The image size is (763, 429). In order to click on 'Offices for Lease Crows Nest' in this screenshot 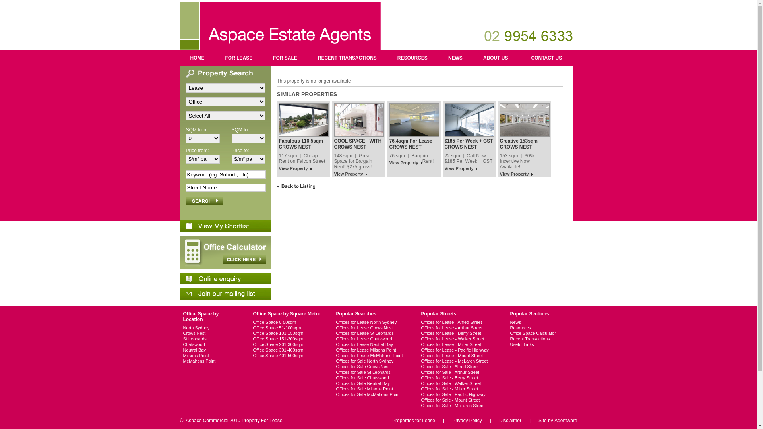, I will do `click(372, 328)`.